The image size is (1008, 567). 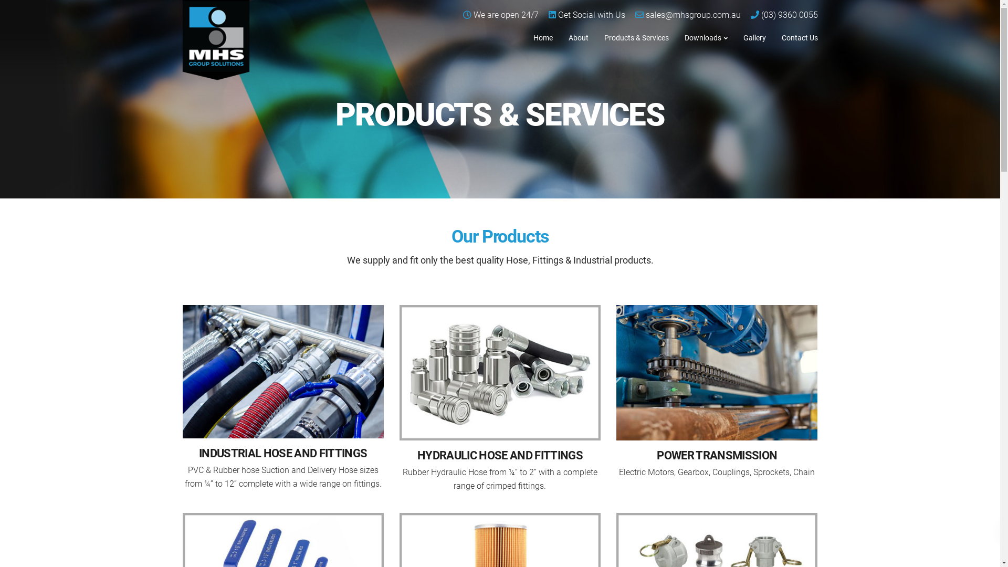 What do you see at coordinates (799, 36) in the screenshot?
I see `'Contact Us'` at bounding box center [799, 36].